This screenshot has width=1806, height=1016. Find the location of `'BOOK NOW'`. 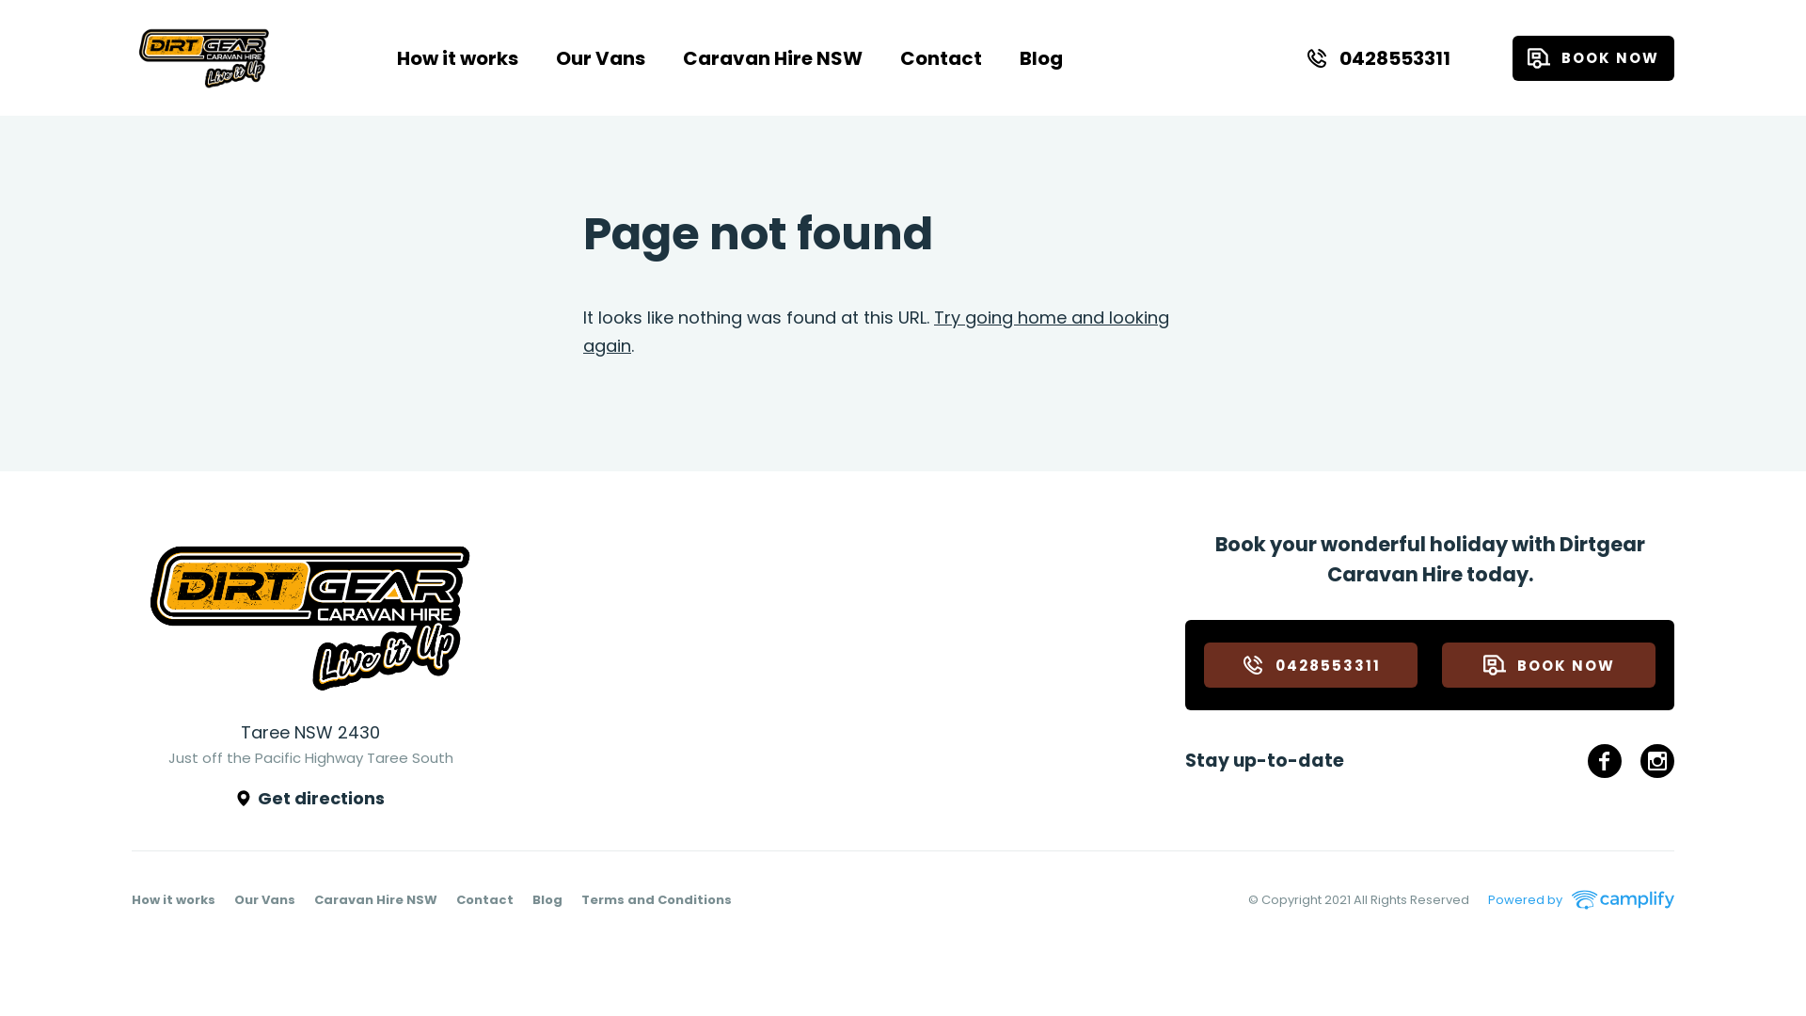

'BOOK NOW' is located at coordinates (1548, 663).